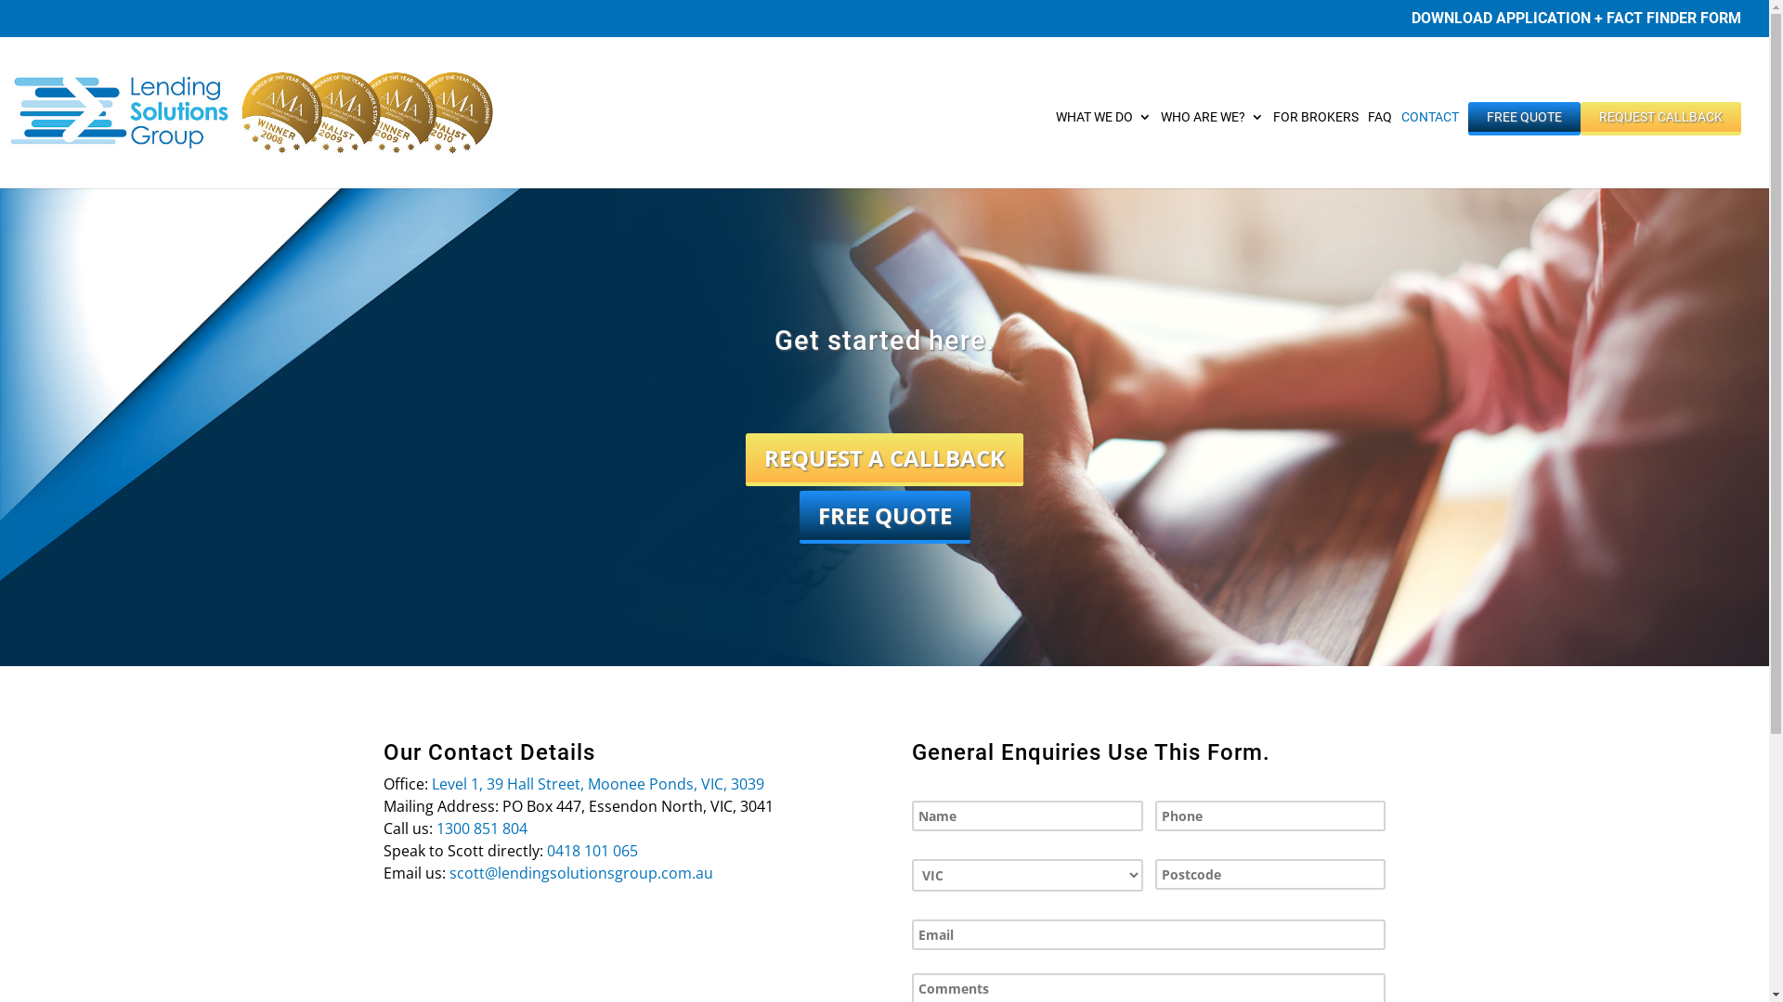 This screenshot has height=1002, width=1783. I want to click on 'DOWNLOAD APPLICATION + FACT FINDER FORM', so click(1575, 24).